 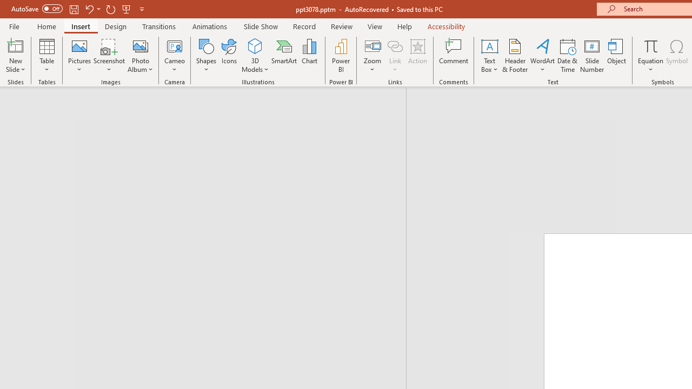 What do you see at coordinates (255, 56) in the screenshot?
I see `'3D Models'` at bounding box center [255, 56].